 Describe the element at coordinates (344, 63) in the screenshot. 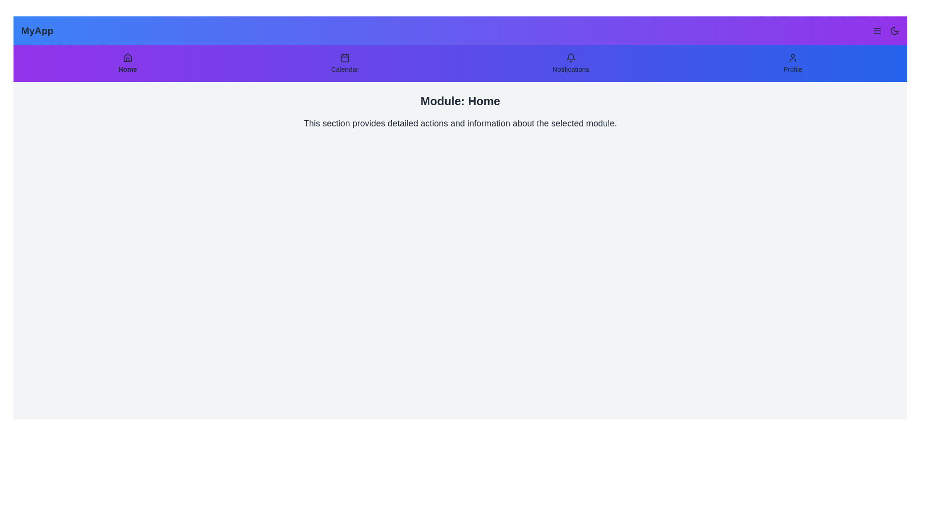

I see `the Calendar tab in the navigation bar` at that location.